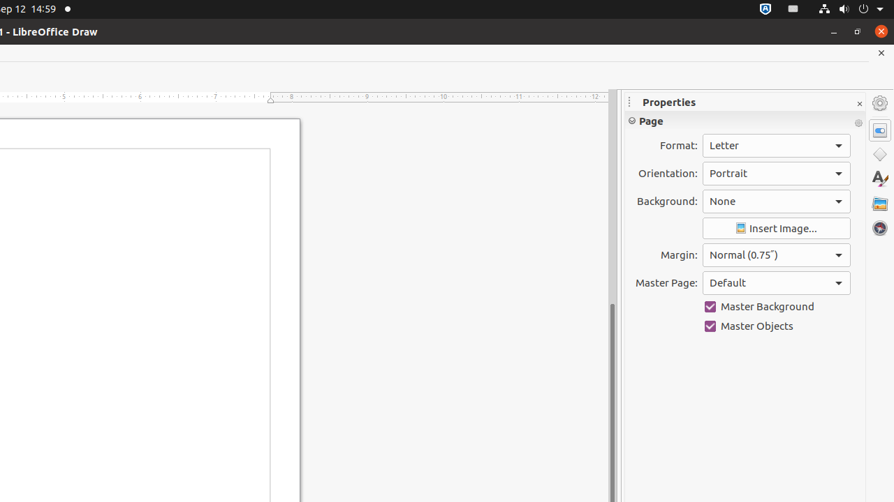 The width and height of the screenshot is (894, 502). Describe the element at coordinates (775, 227) in the screenshot. I see `'Insert Image'` at that location.